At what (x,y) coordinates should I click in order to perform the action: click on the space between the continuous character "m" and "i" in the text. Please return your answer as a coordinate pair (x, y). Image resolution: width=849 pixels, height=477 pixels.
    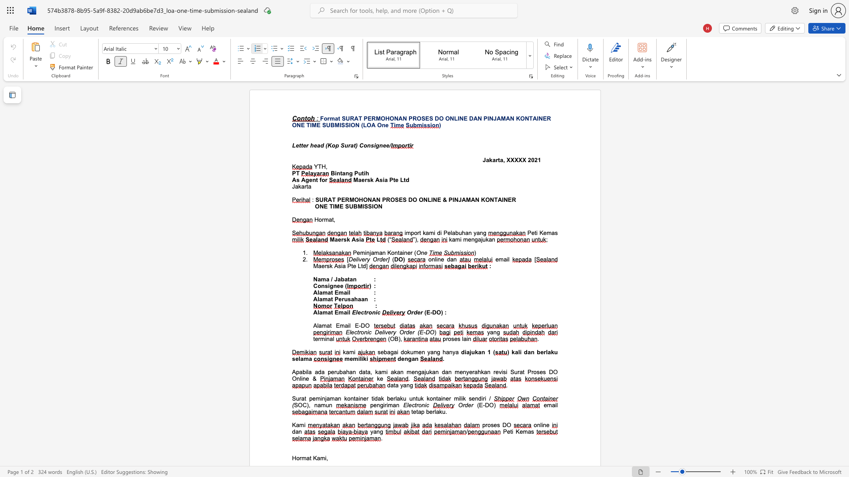
    Looking at the image, I should click on (364, 253).